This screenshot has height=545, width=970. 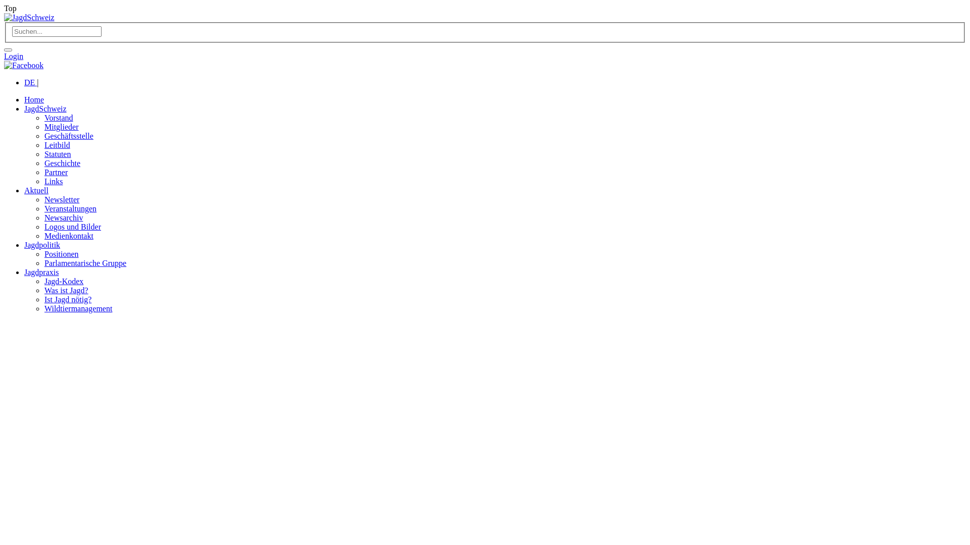 I want to click on 'Geschichte', so click(x=62, y=162).